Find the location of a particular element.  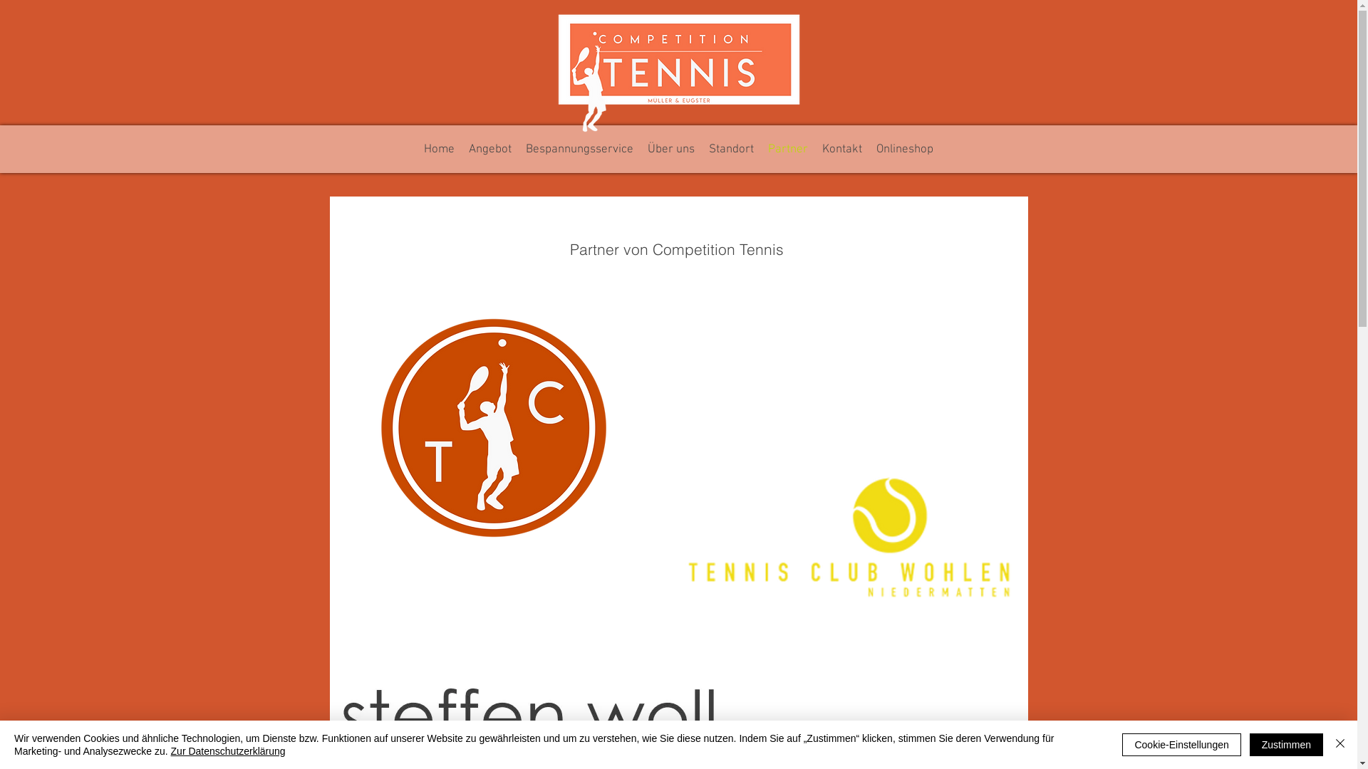

'Zustimmen' is located at coordinates (1286, 743).